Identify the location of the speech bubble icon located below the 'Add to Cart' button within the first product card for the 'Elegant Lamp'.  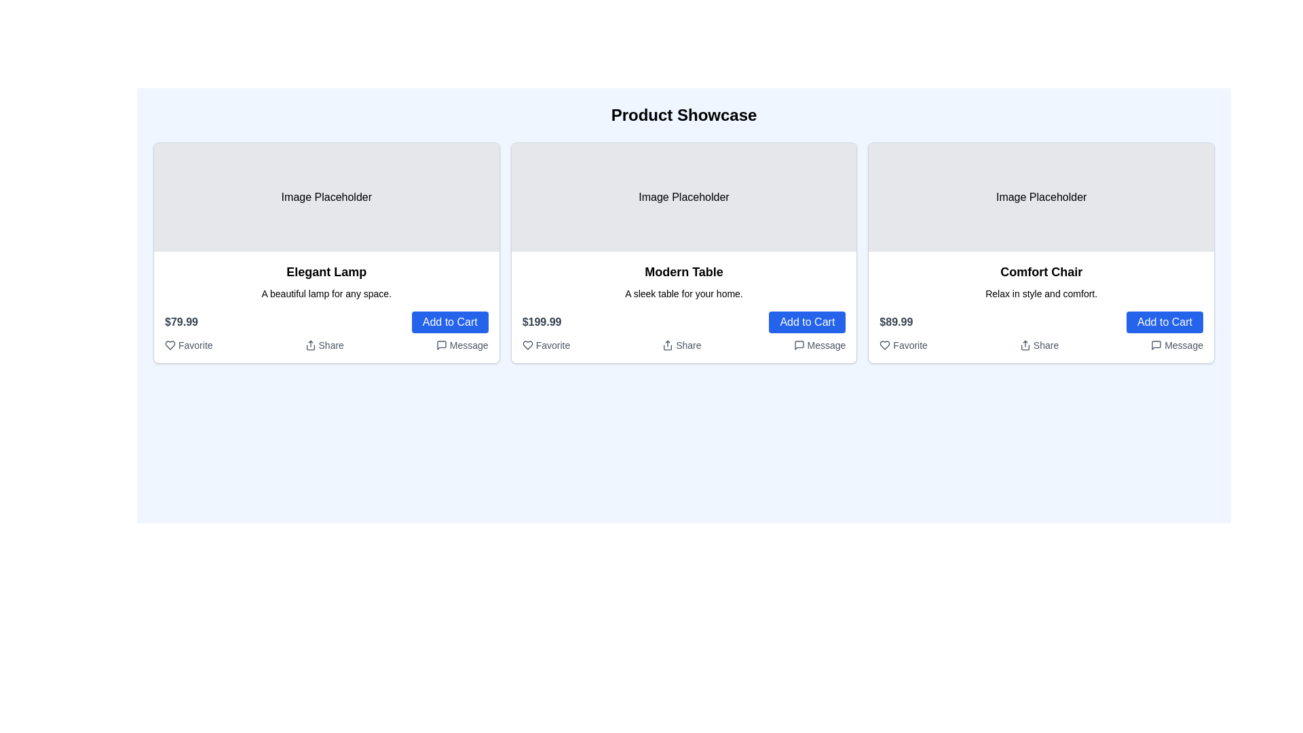
(441, 345).